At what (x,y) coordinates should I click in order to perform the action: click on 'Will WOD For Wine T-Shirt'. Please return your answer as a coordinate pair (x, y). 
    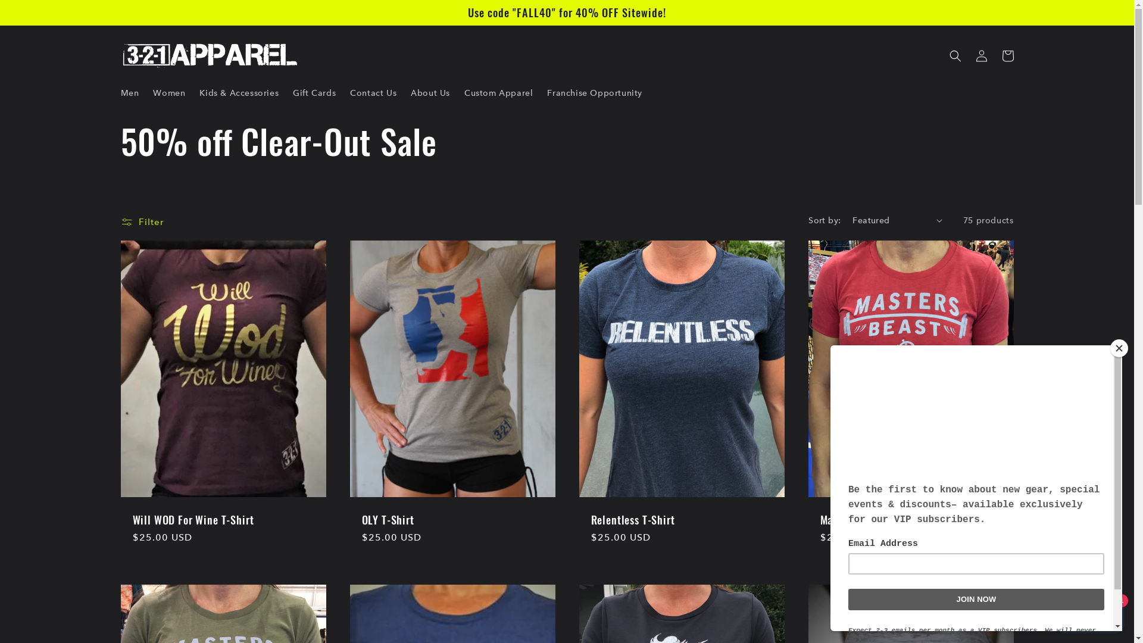
    Looking at the image, I should click on (223, 519).